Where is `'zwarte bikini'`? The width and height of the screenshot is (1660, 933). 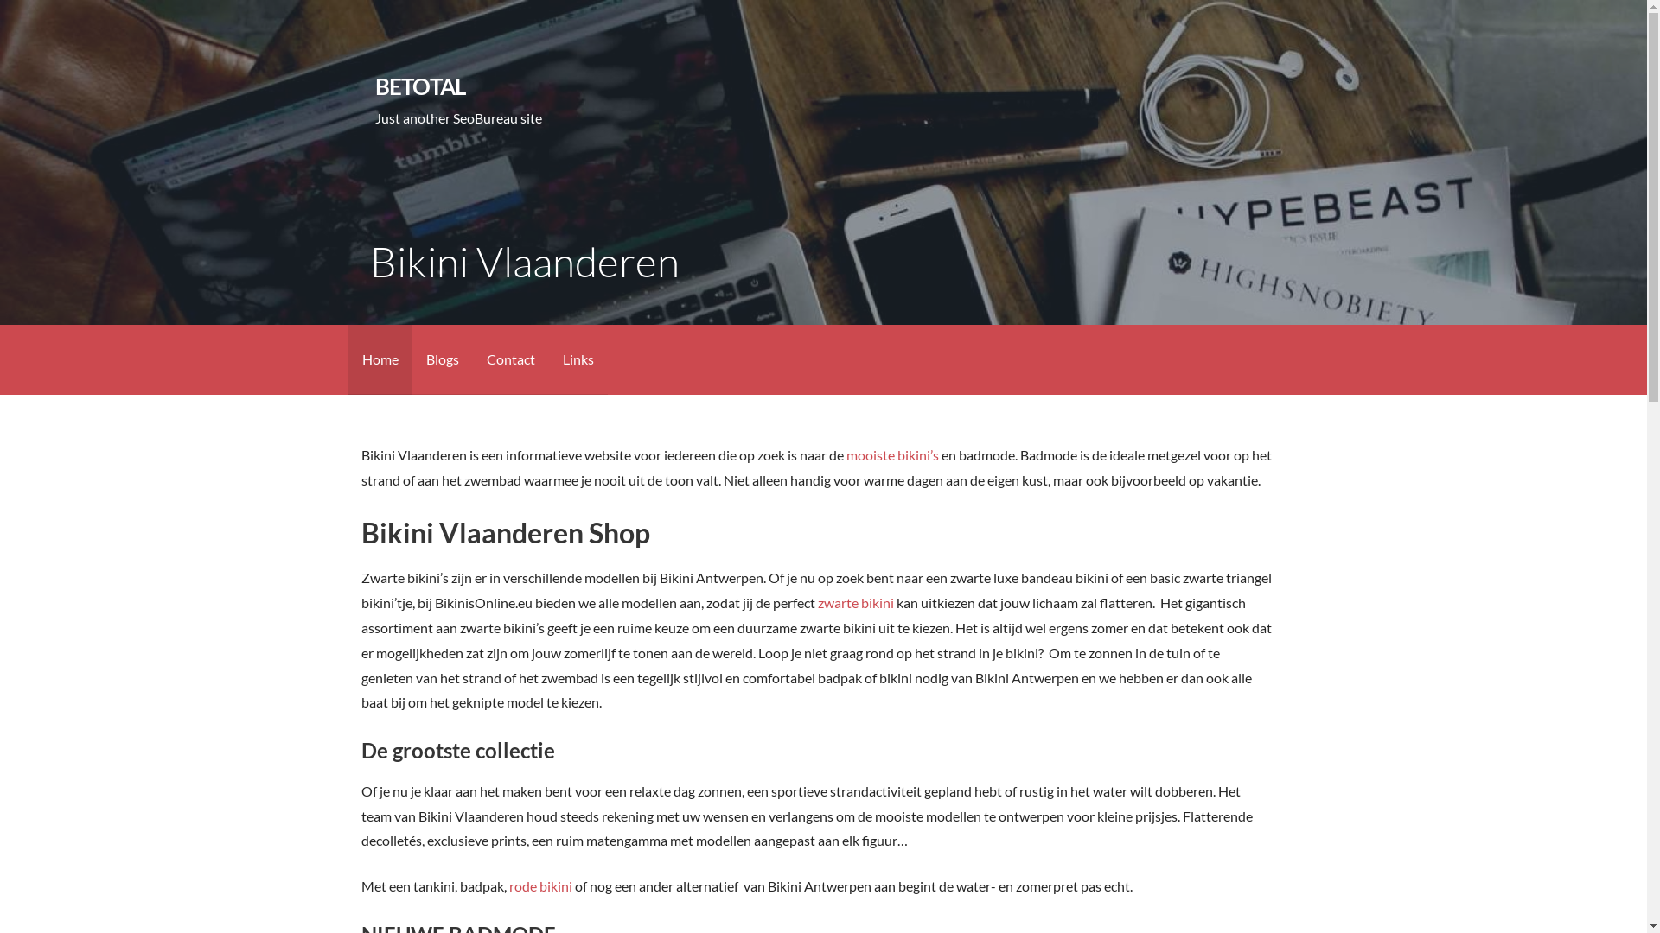
'zwarte bikini' is located at coordinates (855, 601).